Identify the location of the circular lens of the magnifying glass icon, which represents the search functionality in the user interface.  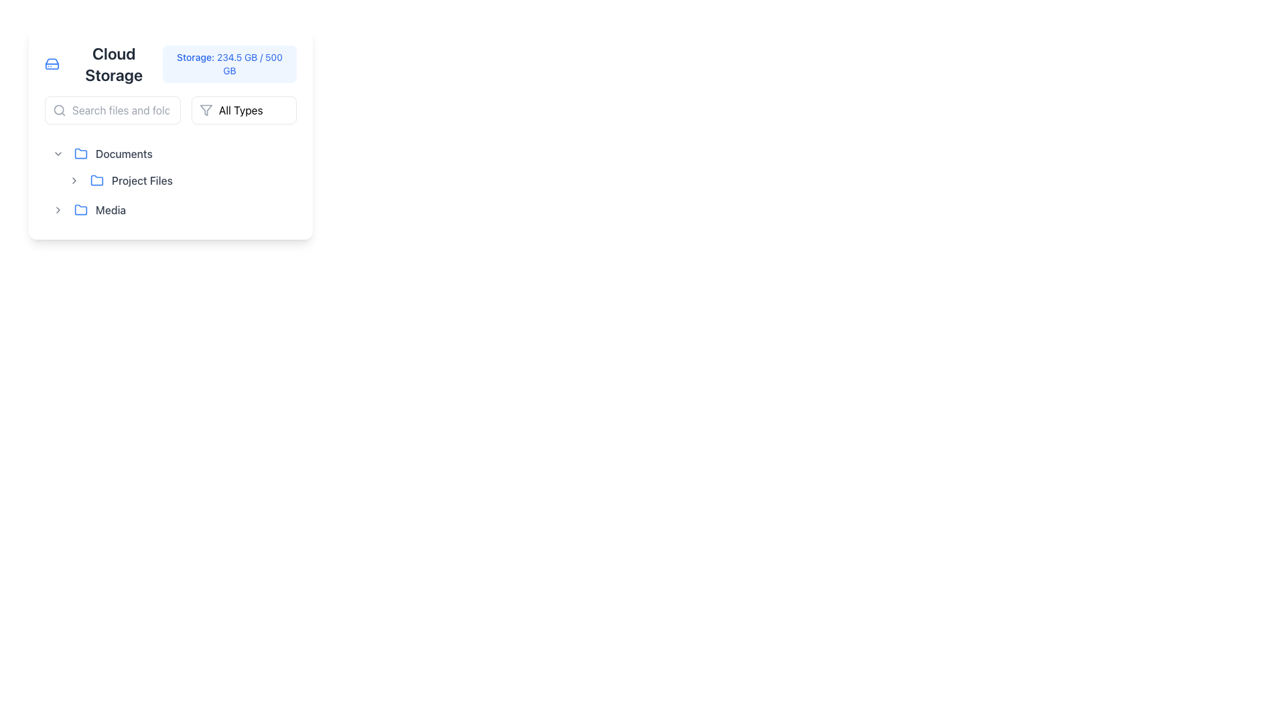
(58, 109).